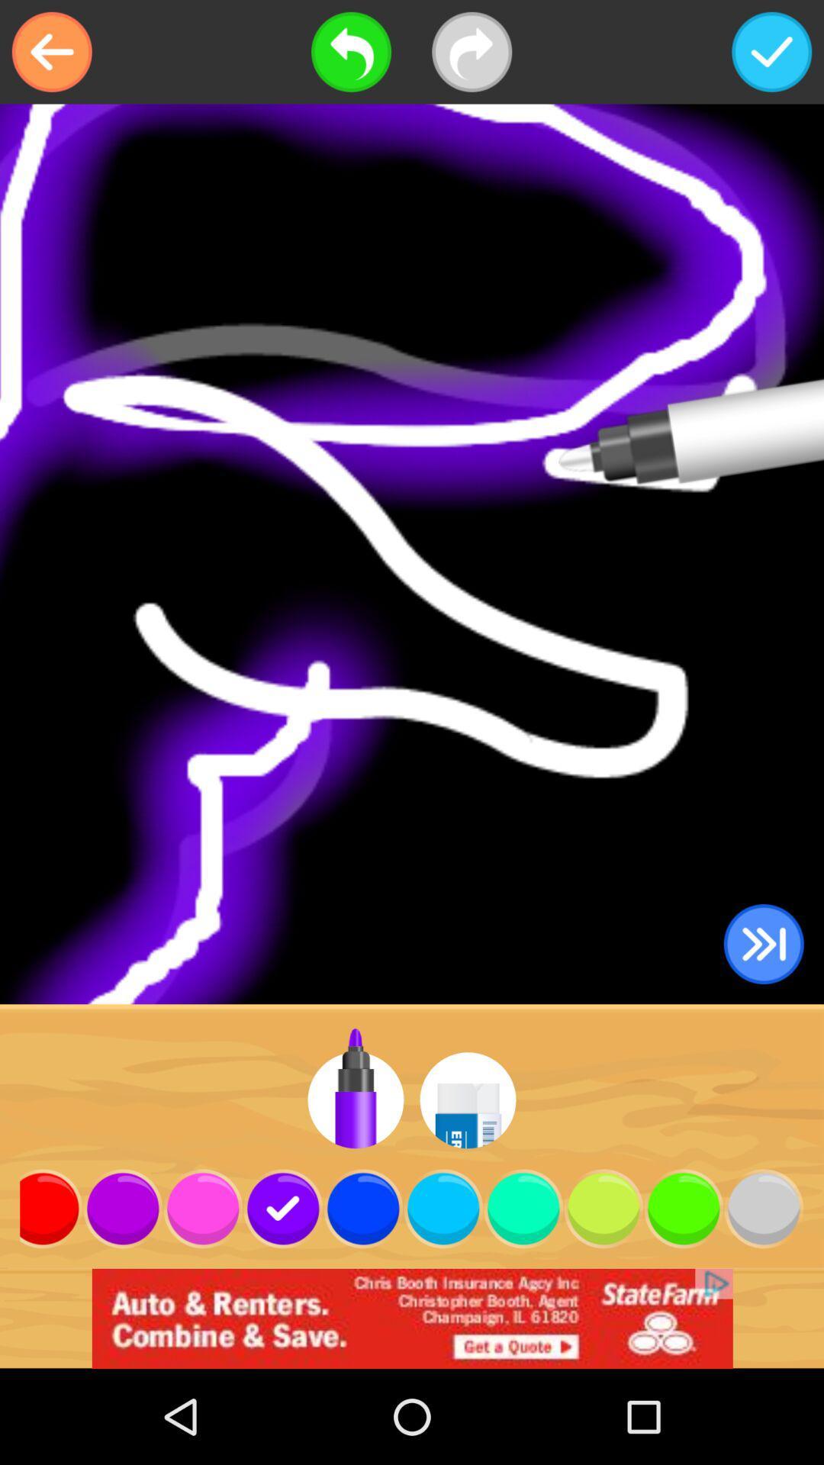  I want to click on undo, so click(351, 52).